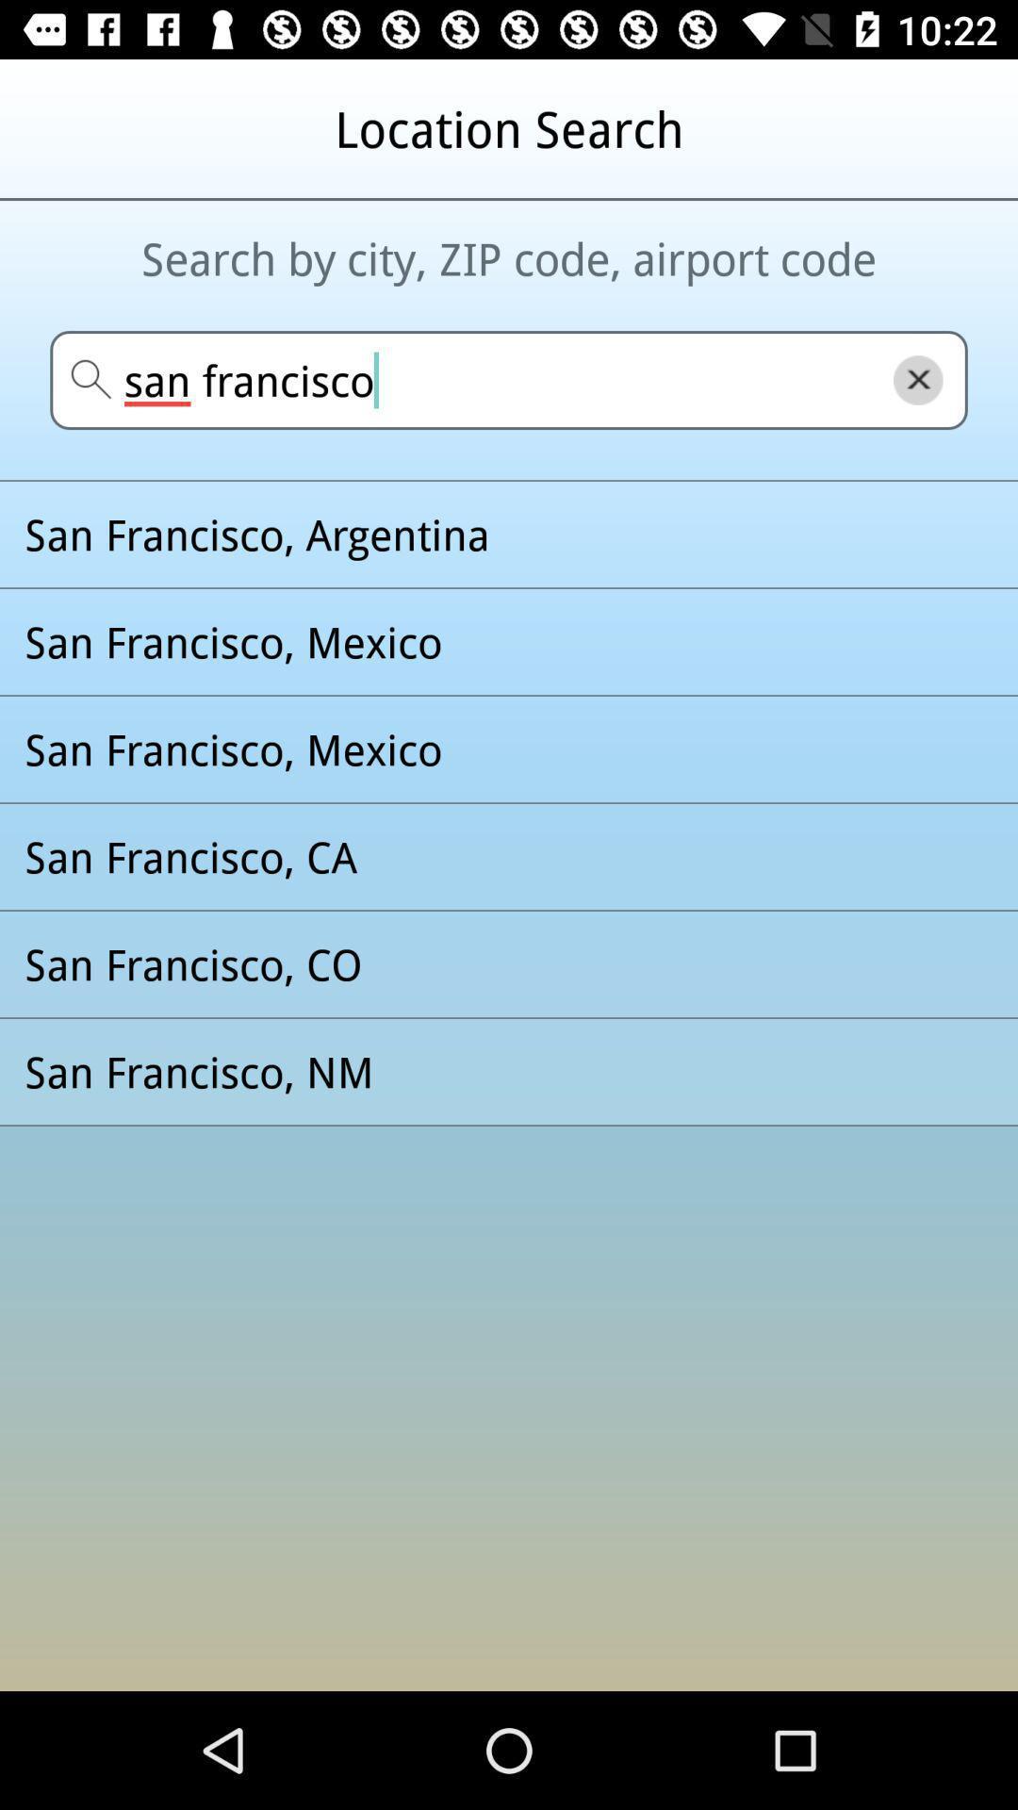  I want to click on the search icon, so click(91, 379).